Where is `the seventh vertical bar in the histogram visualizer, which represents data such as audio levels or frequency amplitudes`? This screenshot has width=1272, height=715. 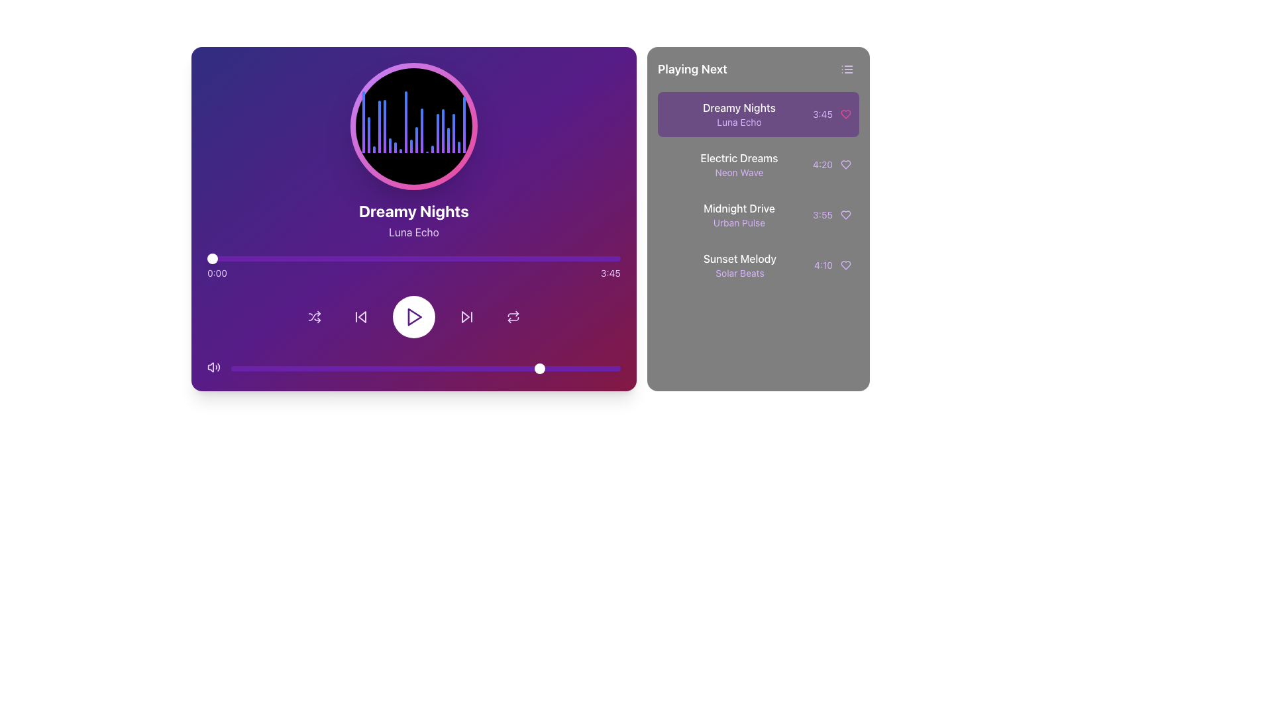 the seventh vertical bar in the histogram visualizer, which represents data such as audio levels or frequency amplitudes is located at coordinates (394, 147).